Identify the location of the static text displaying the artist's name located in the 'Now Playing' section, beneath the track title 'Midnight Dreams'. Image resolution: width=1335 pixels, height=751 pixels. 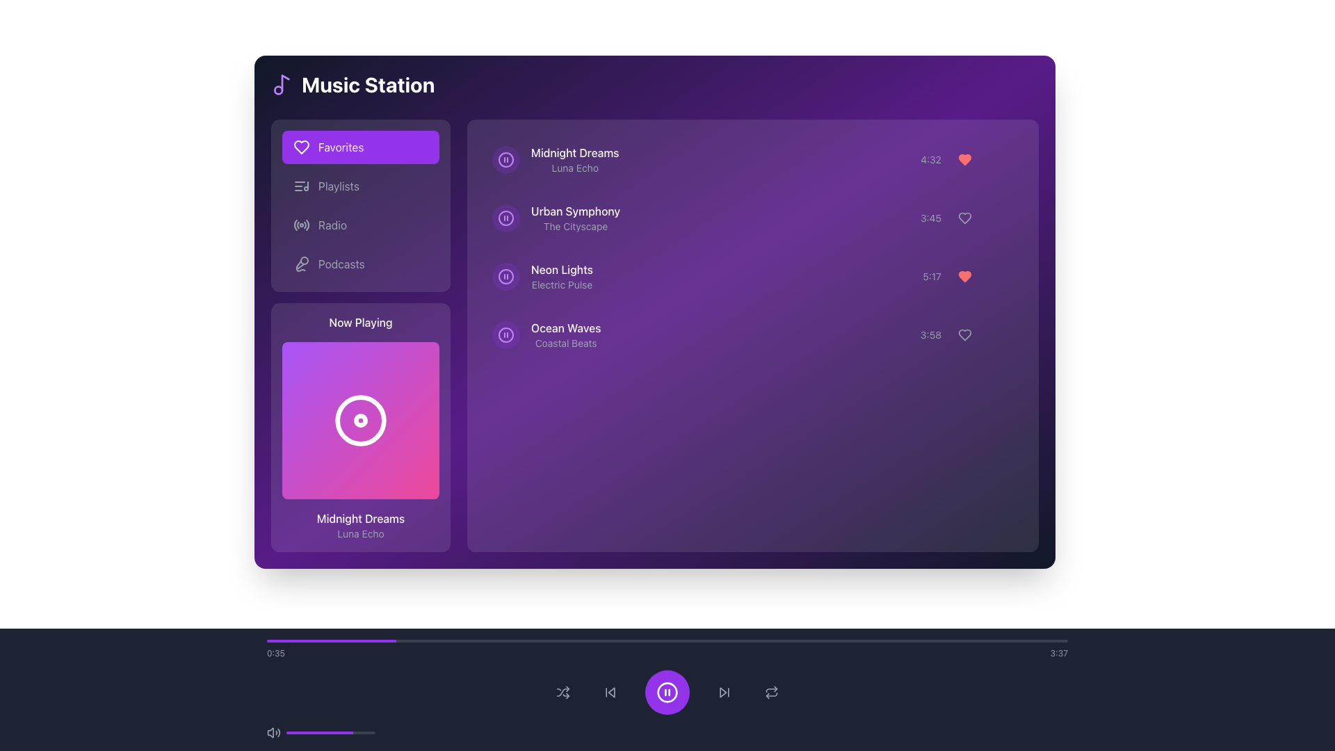
(360, 533).